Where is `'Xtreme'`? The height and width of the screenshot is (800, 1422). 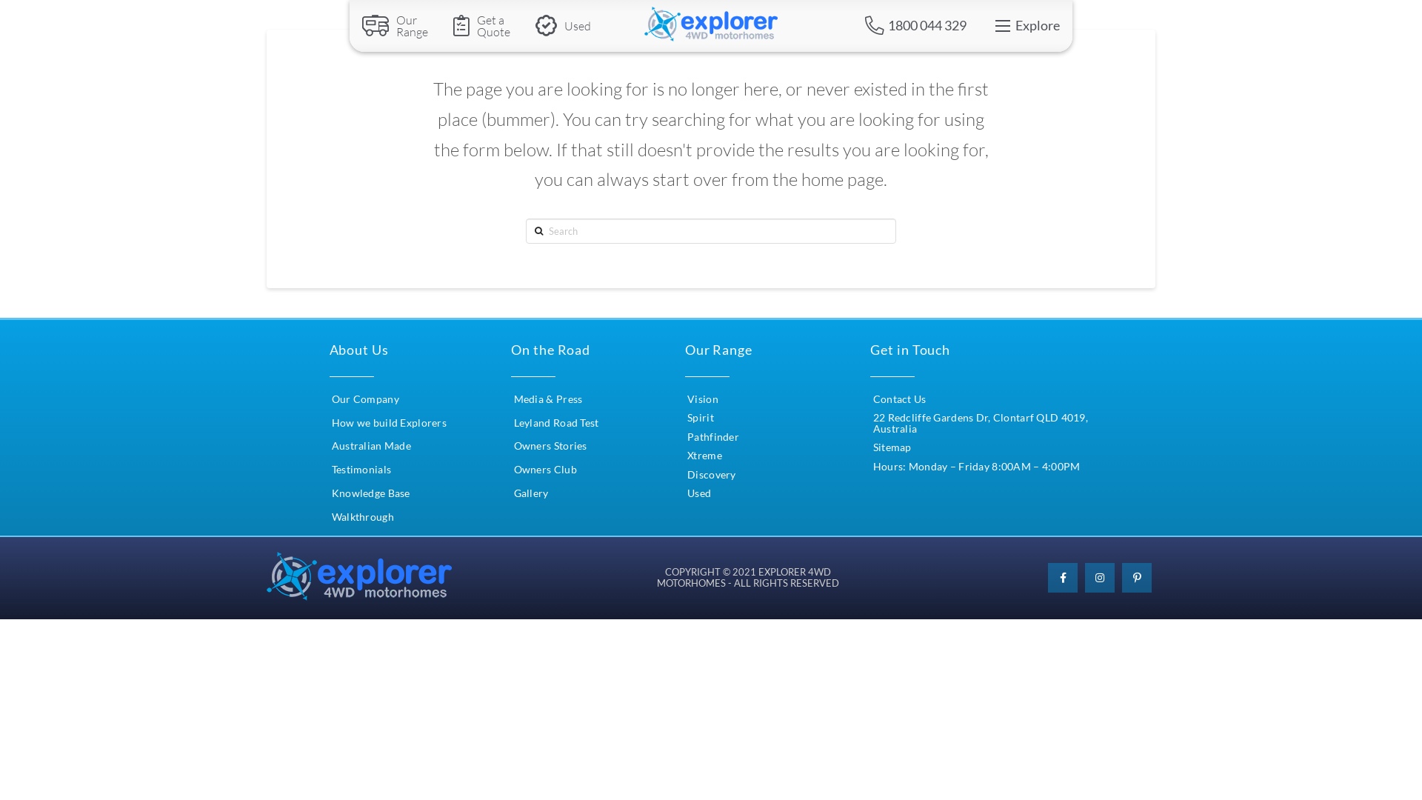 'Xtreme' is located at coordinates (703, 455).